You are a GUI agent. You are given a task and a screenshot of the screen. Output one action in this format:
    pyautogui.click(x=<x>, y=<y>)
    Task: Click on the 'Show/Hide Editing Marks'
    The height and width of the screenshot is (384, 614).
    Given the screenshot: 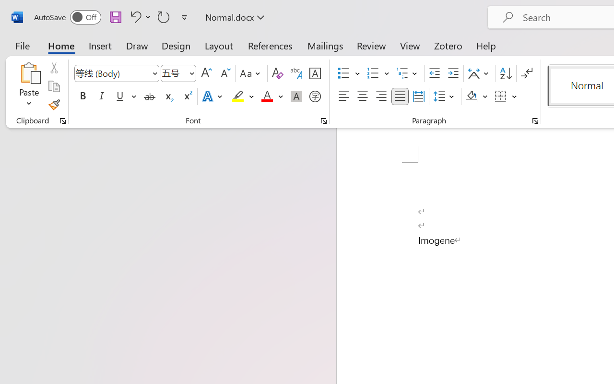 What is the action you would take?
    pyautogui.click(x=526, y=73)
    